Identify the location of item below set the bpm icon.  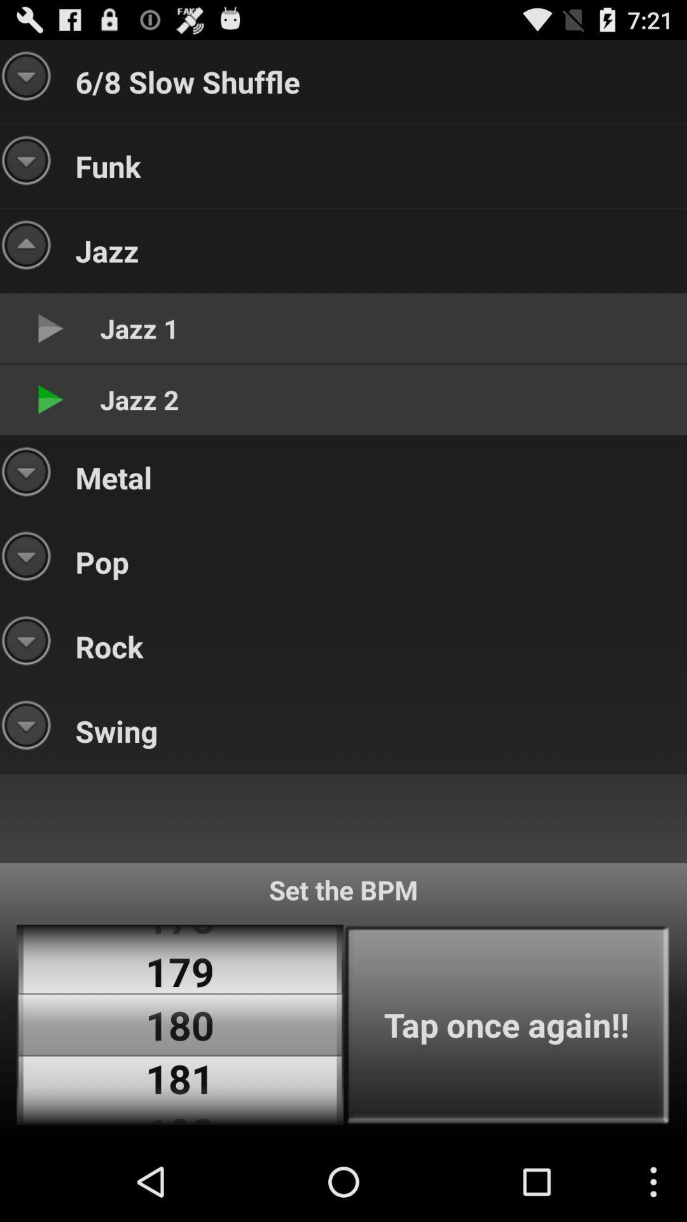
(506, 1025).